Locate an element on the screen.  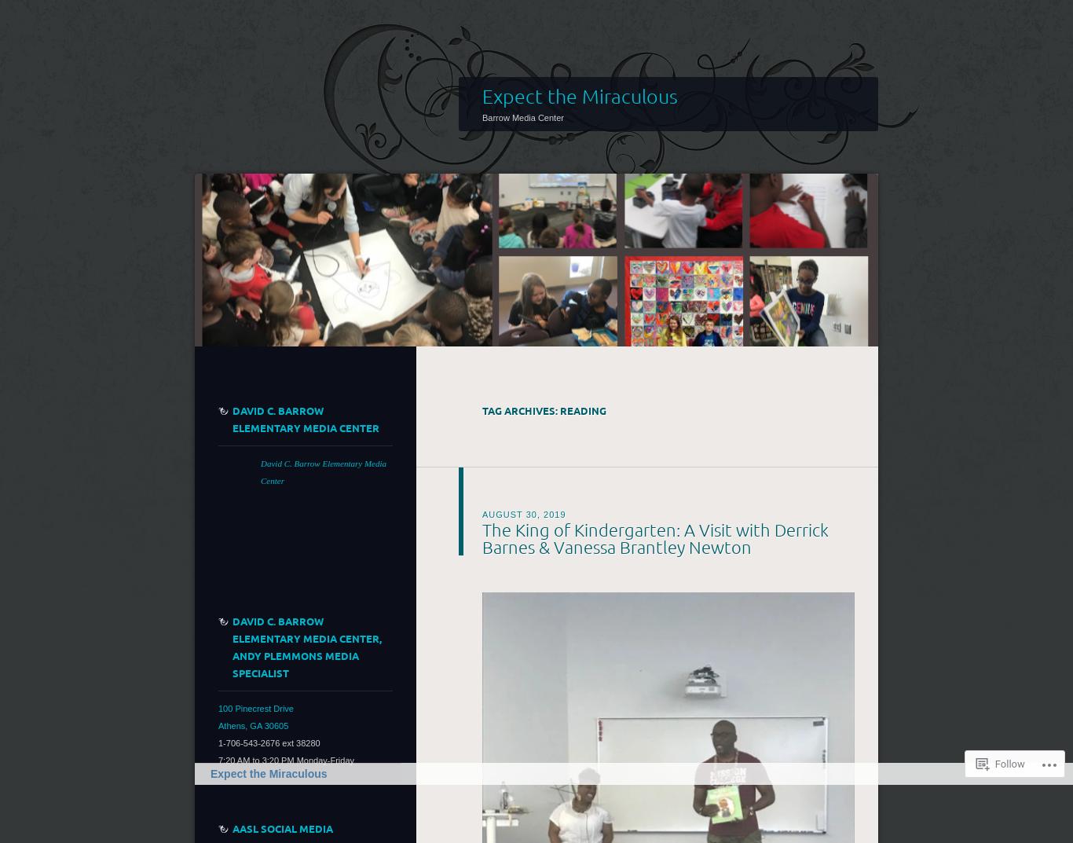
'David C. Barrow Elementary Media Center, Andy Plemmons Media Specialist' is located at coordinates (233, 646).